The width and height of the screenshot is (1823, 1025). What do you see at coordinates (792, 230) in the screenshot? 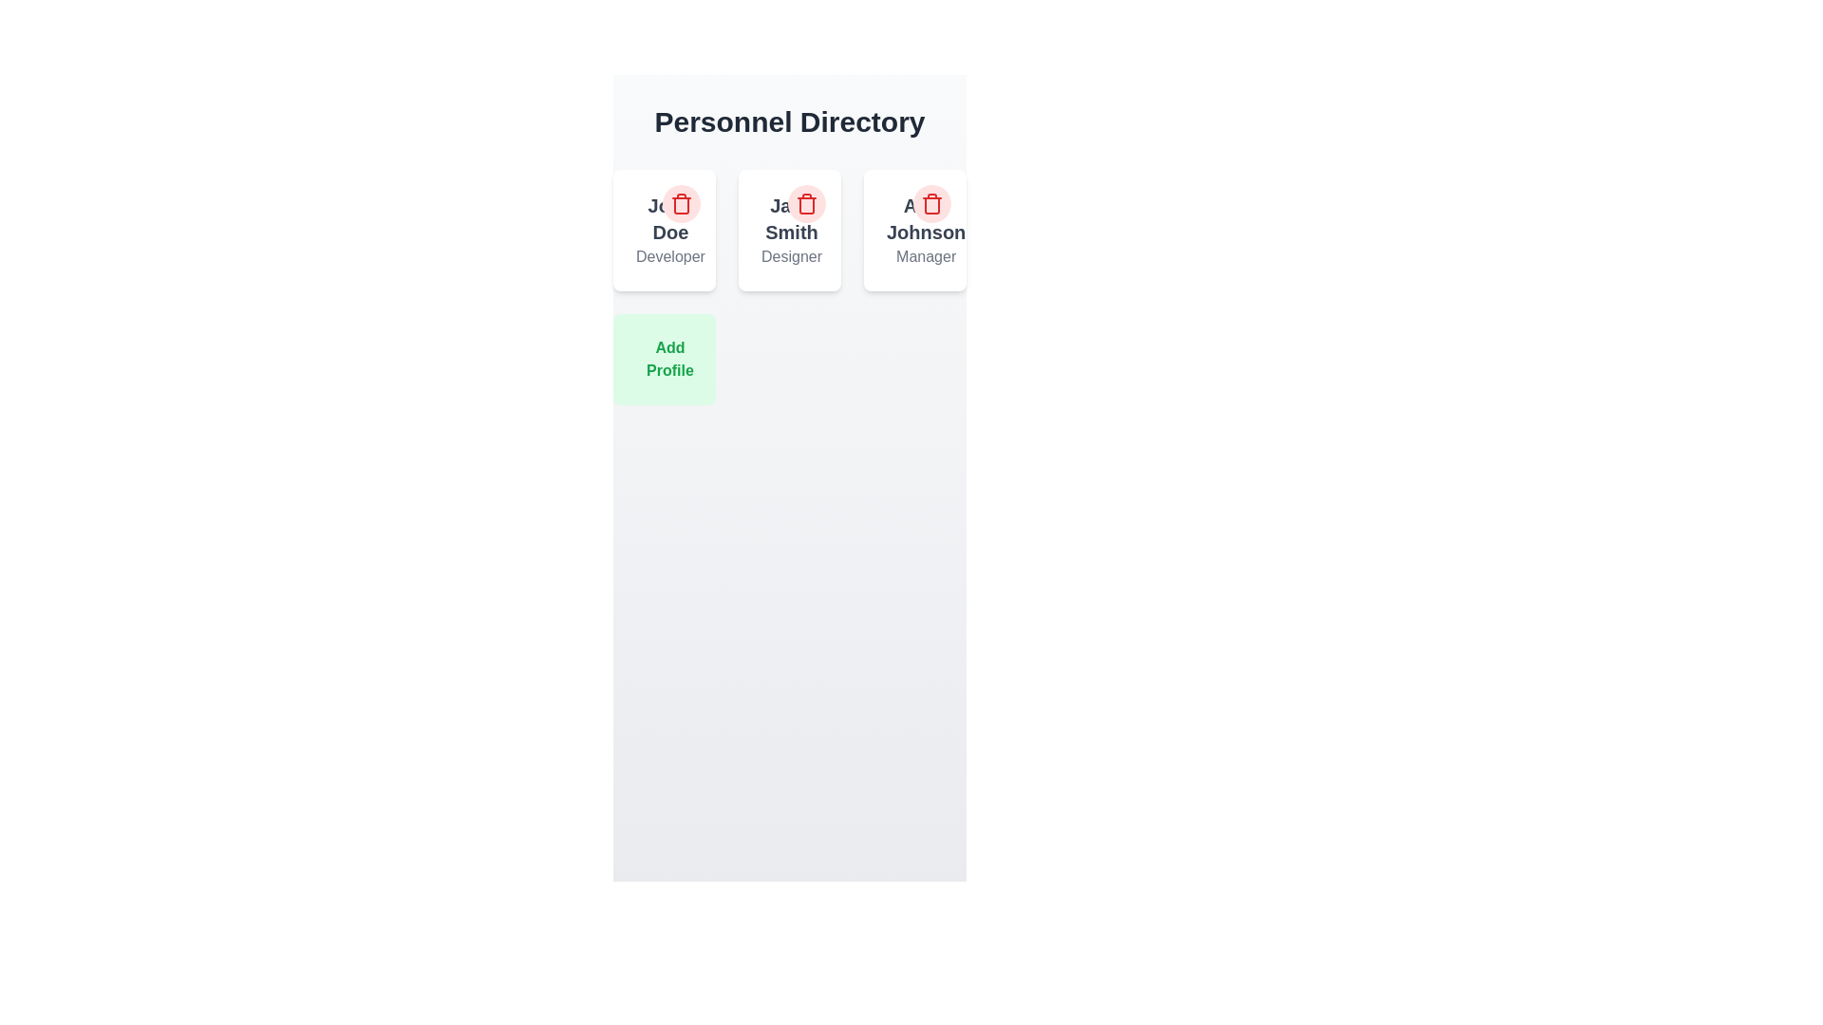
I see `the text label 'Jane Smith' which displays the name in bold and the title 'Designer' beneath it` at bounding box center [792, 230].